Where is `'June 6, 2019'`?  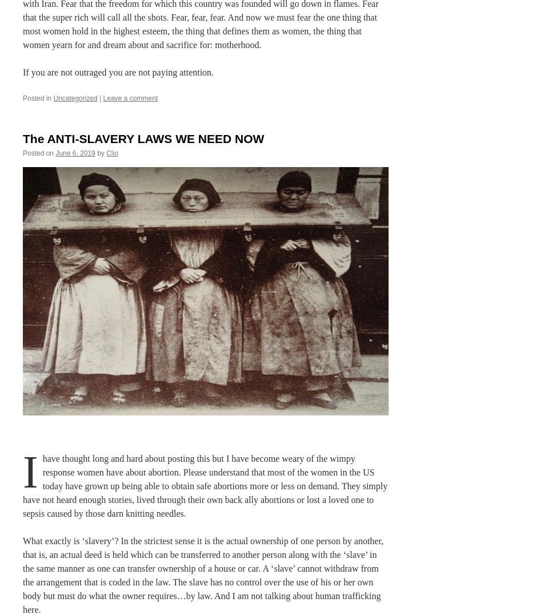 'June 6, 2019' is located at coordinates (75, 153).